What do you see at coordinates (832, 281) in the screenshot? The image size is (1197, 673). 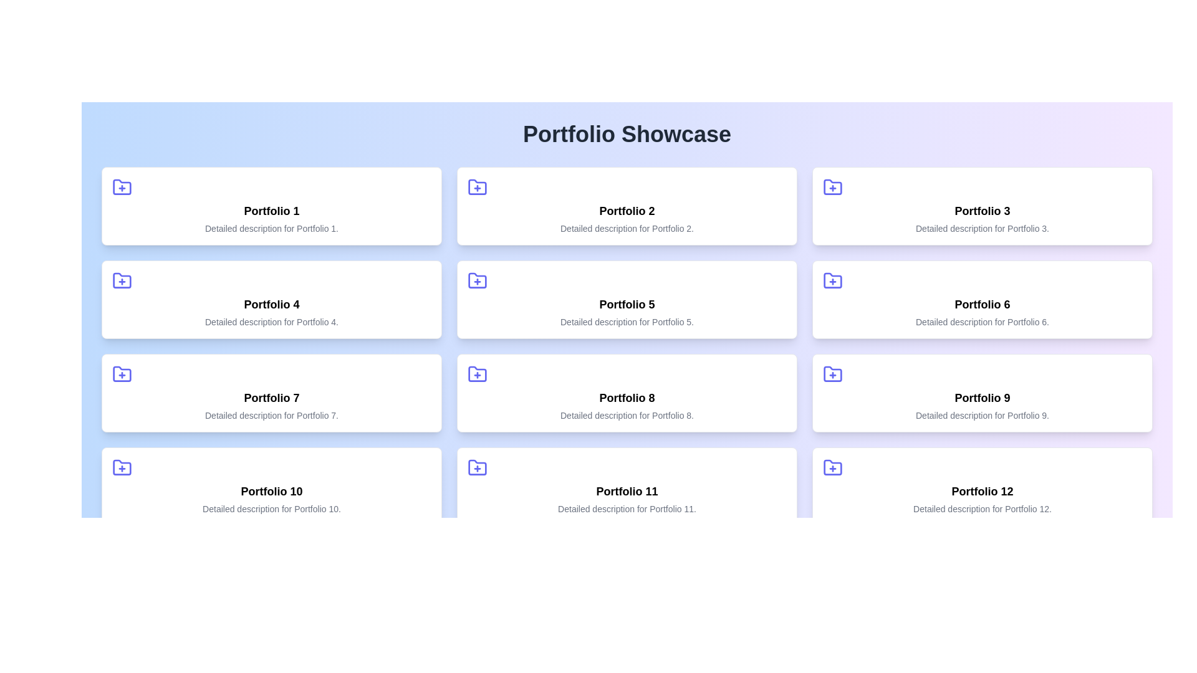 I see `the blue folder icon with a plus sign inside, located in the top-left corner of the 'Portfolio 6' card in the second row, third column of the grid` at bounding box center [832, 281].